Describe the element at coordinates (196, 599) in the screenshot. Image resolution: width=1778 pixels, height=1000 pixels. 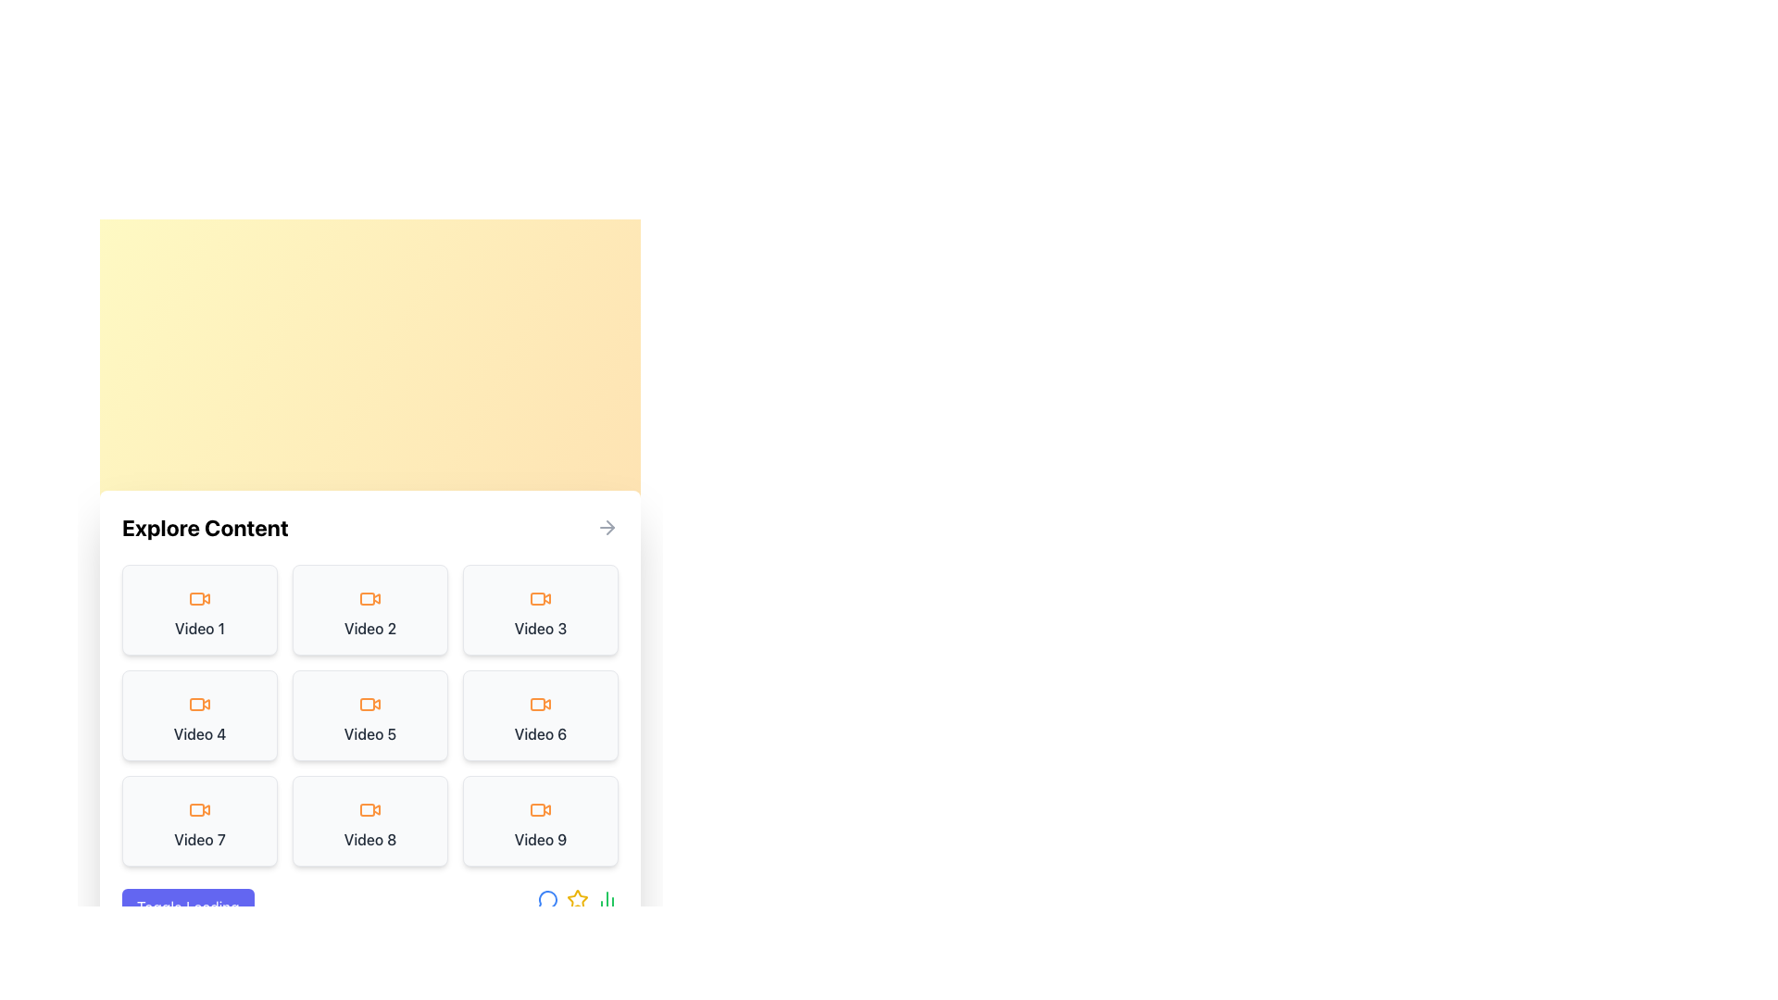
I see `the decorative SVG element with a rounded border and orange-red fill, located within the video playback icon of the first content block in the grid` at that location.